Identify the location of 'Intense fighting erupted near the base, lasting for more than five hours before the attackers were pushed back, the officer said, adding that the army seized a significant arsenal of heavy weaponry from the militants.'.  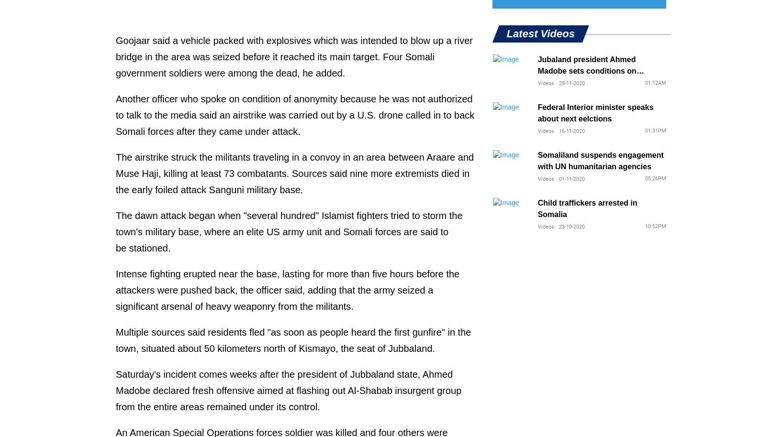
(287, 289).